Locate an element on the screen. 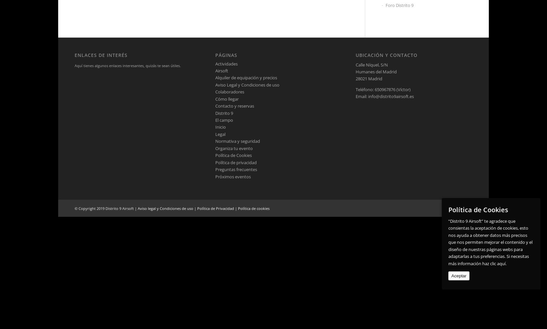 The width and height of the screenshot is (547, 329). '© Copyright 2019  Distrito 9 Airsoft  |' is located at coordinates (106, 208).